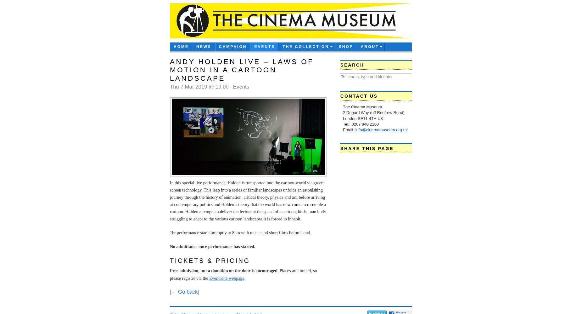 This screenshot has height=314, width=582. What do you see at coordinates (345, 46) in the screenshot?
I see `'Shop'` at bounding box center [345, 46].